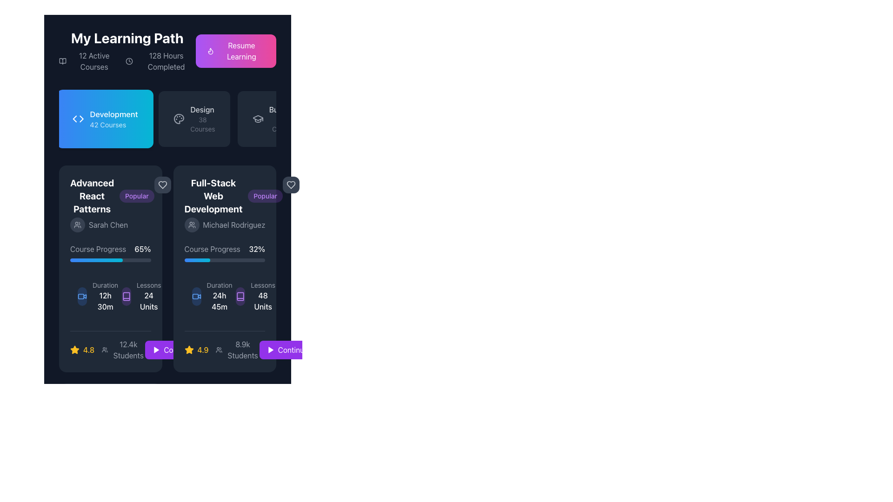 This screenshot has height=502, width=893. Describe the element at coordinates (110, 346) in the screenshot. I see `displayed information from the informational display panel located in the 'Advanced React Patterns' card, positioned above the 'Continue' button` at that location.